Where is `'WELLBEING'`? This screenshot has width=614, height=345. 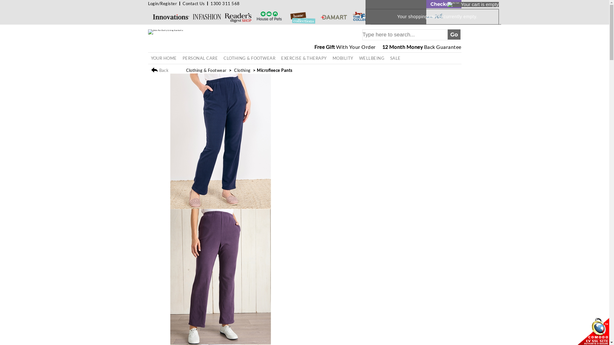 'WELLBEING' is located at coordinates (372, 58).